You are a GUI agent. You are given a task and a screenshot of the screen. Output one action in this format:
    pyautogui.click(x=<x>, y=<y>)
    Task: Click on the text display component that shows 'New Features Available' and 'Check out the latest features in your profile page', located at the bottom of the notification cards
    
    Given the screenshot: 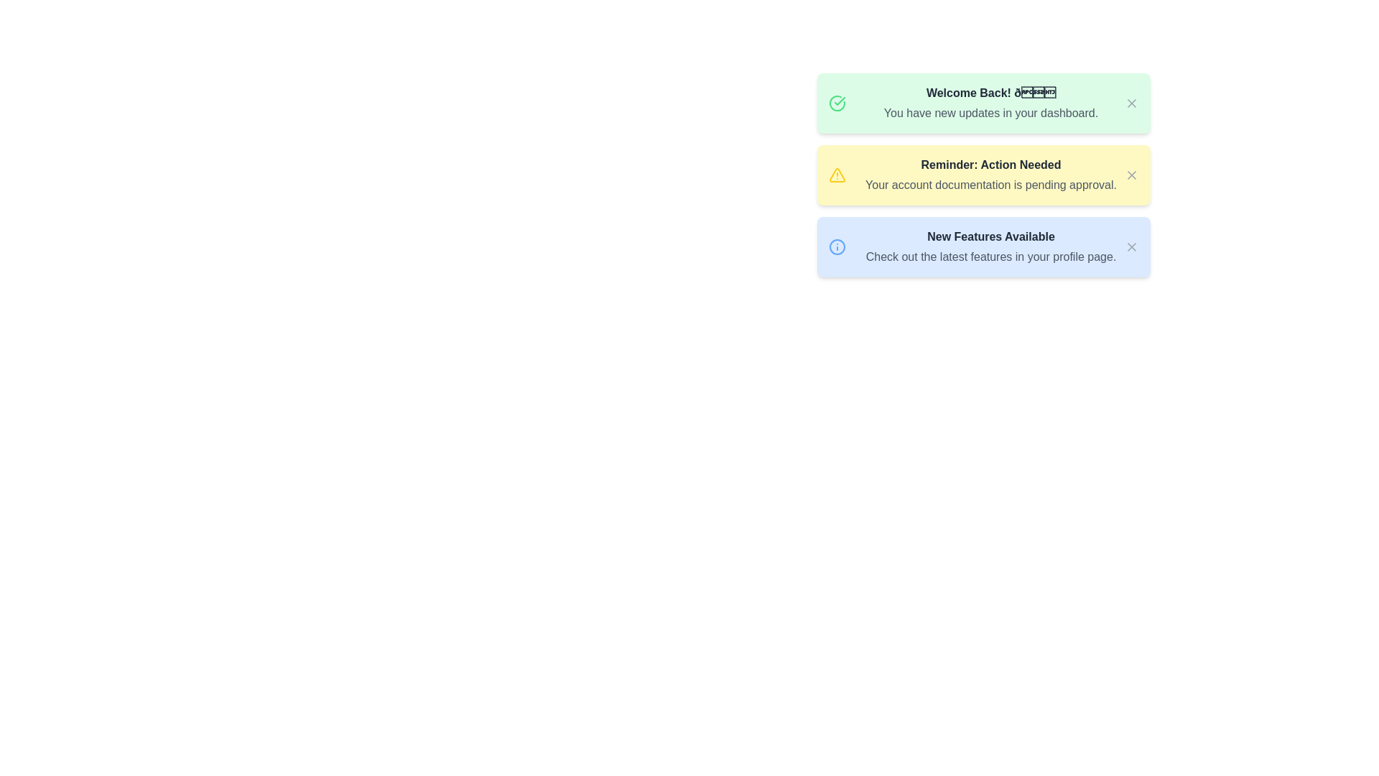 What is the action you would take?
    pyautogui.click(x=990, y=246)
    